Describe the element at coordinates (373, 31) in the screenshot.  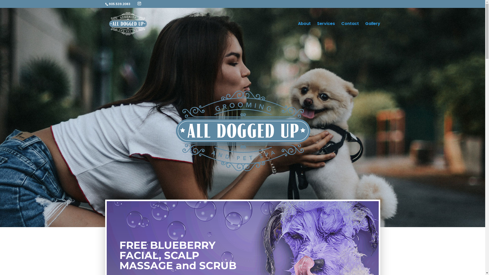
I see `'Gallery'` at that location.